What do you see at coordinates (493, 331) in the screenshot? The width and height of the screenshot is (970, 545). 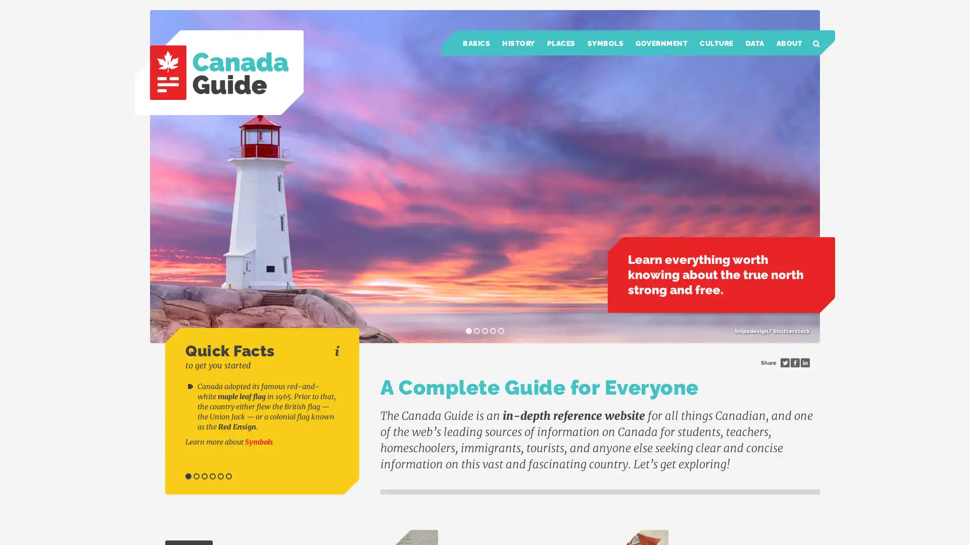 I see `Go to slide 4` at bounding box center [493, 331].